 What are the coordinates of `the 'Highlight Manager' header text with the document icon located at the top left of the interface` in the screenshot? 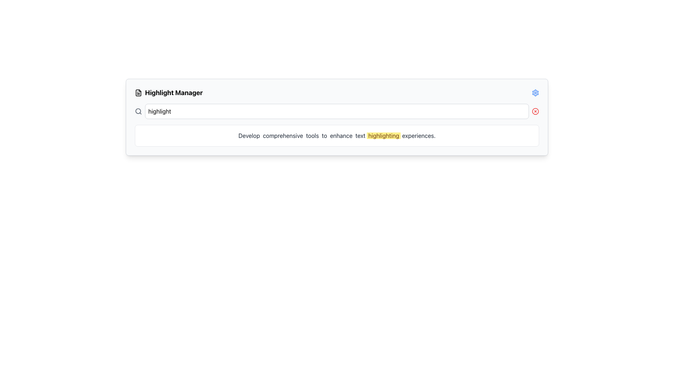 It's located at (168, 92).